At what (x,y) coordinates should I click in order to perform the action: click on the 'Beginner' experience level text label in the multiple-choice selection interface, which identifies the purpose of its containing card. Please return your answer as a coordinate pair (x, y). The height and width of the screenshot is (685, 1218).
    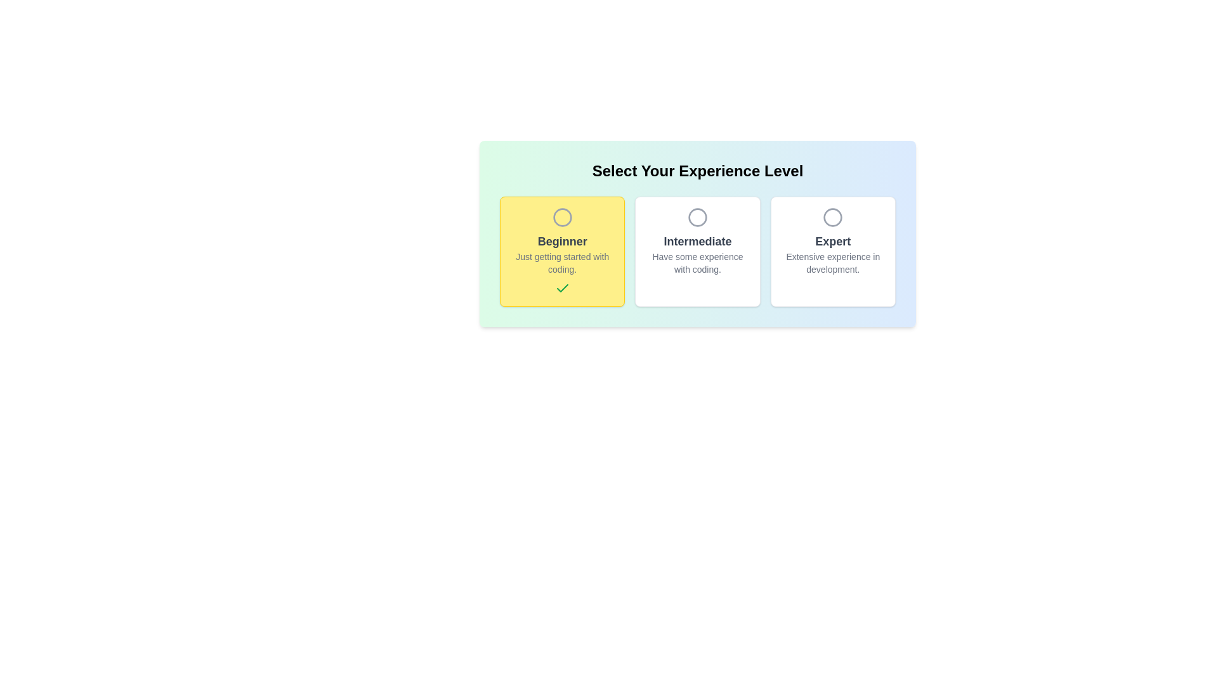
    Looking at the image, I should click on (561, 242).